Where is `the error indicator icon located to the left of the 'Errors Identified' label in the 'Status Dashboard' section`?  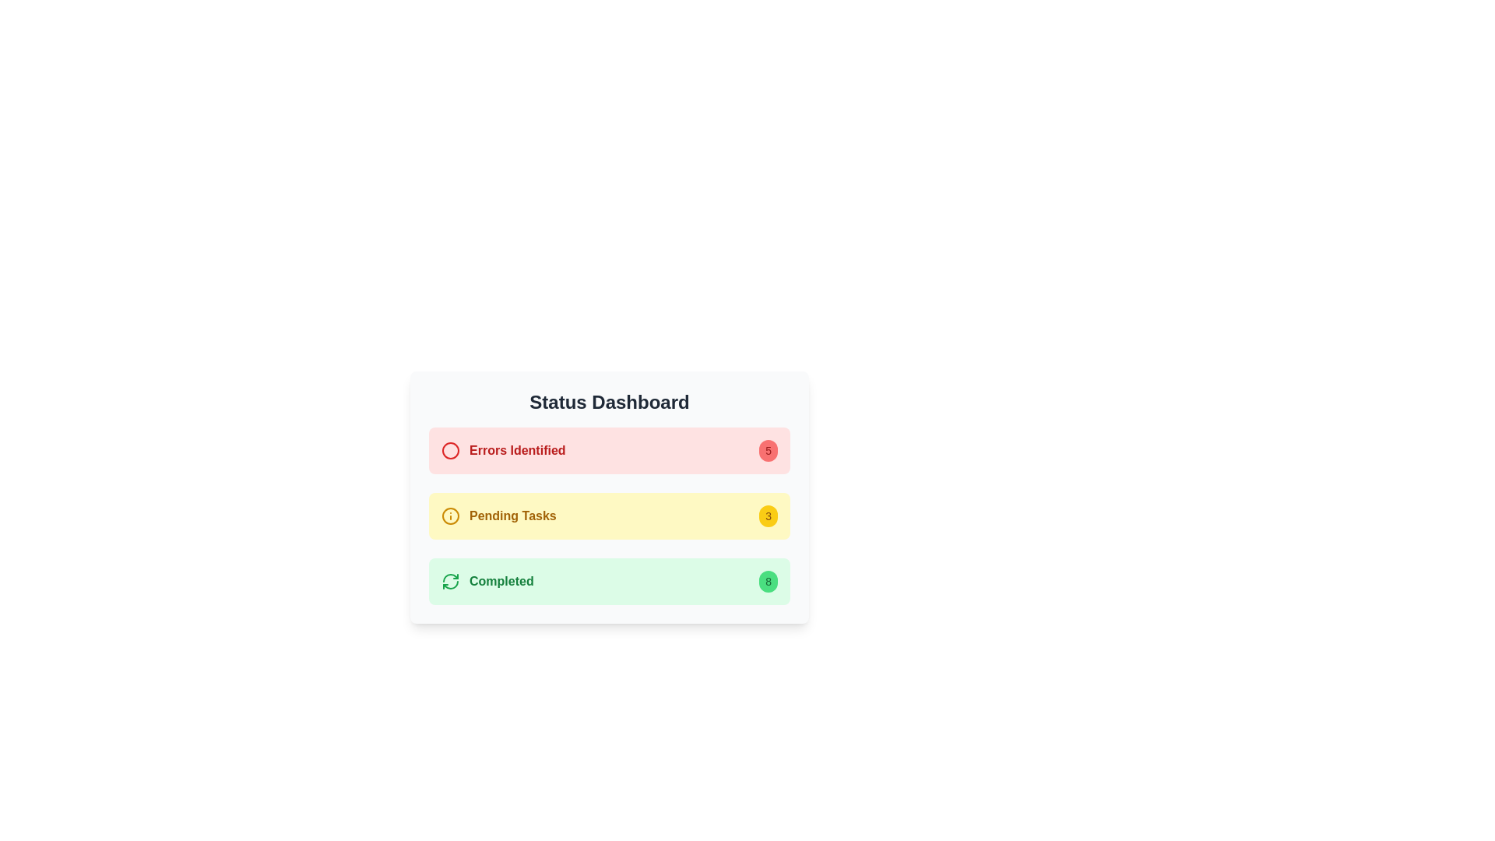 the error indicator icon located to the left of the 'Errors Identified' label in the 'Status Dashboard' section is located at coordinates (450, 450).